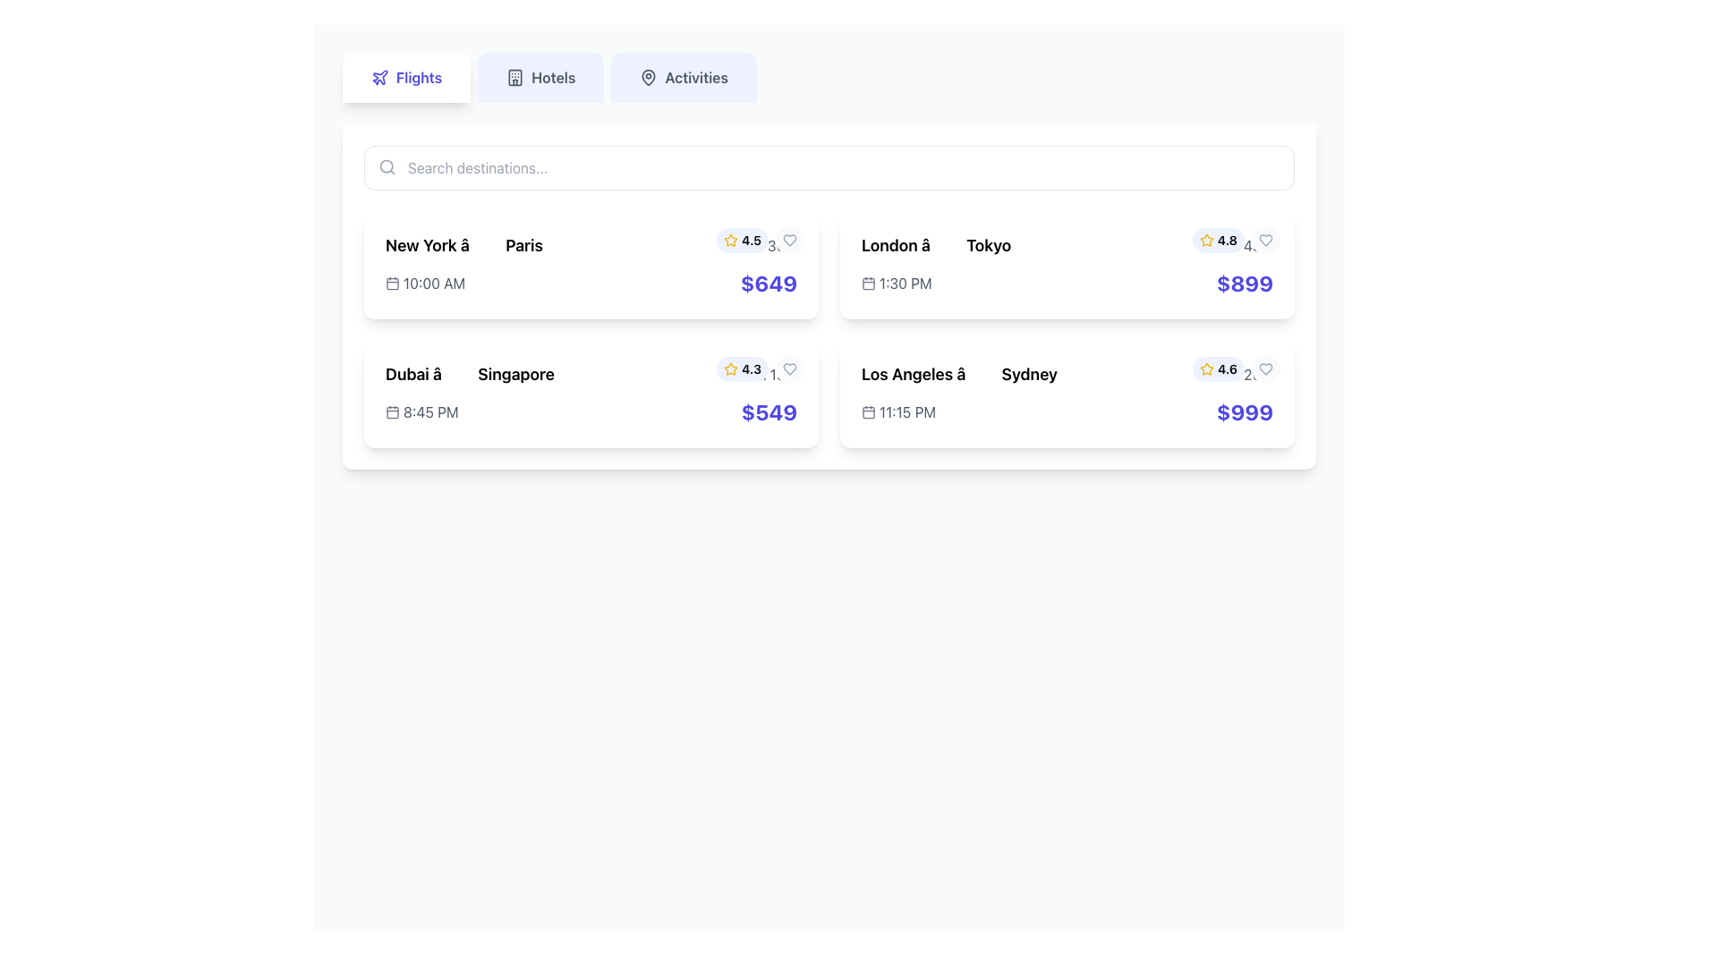  Describe the element at coordinates (1265, 368) in the screenshot. I see `the heart icon located at the top-right corner of the second card in the second row, which marks the travel itinerary from 'Los Angeles' to 'Sydney'` at that location.